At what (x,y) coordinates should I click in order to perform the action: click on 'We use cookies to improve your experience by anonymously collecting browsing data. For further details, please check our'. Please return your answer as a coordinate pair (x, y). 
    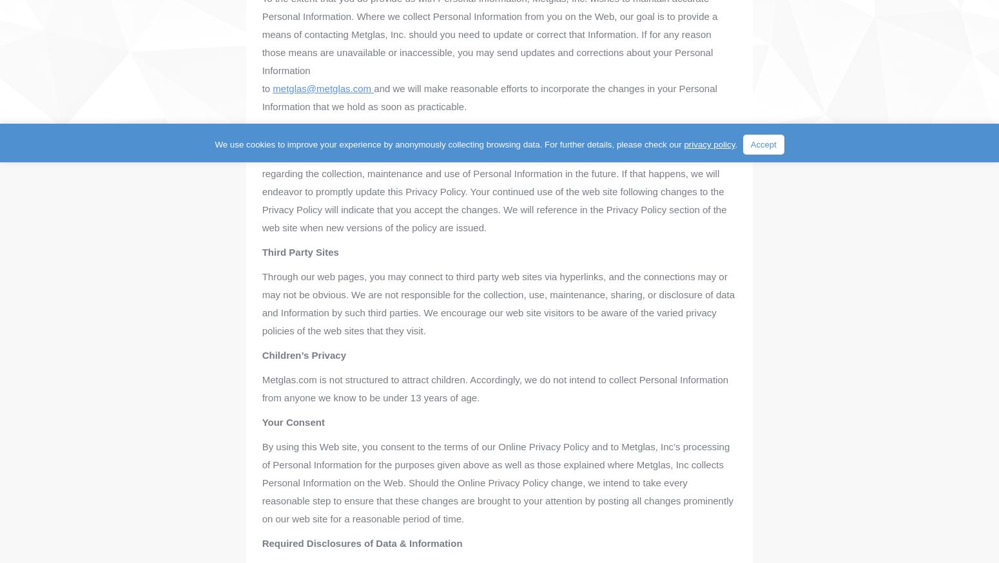
    Looking at the image, I should click on (213, 144).